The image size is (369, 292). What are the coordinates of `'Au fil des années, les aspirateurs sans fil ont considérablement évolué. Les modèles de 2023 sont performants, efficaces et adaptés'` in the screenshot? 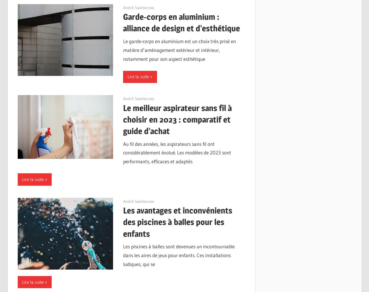 It's located at (177, 152).